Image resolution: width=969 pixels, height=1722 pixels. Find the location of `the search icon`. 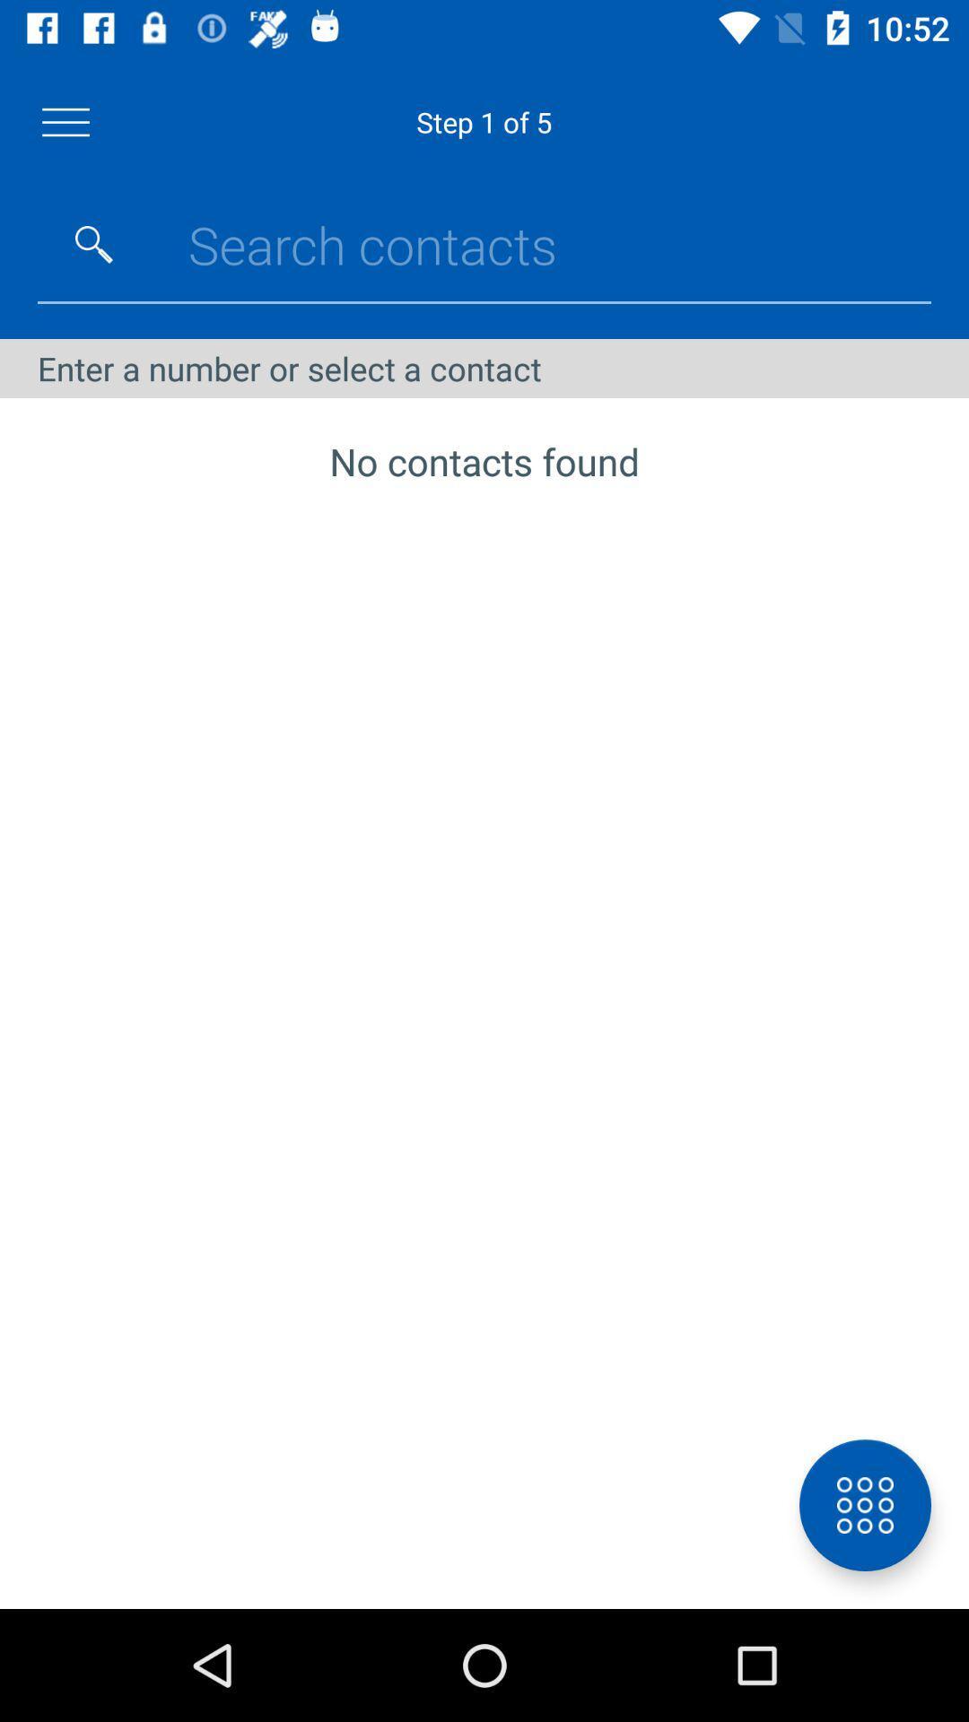

the search icon is located at coordinates (93, 244).